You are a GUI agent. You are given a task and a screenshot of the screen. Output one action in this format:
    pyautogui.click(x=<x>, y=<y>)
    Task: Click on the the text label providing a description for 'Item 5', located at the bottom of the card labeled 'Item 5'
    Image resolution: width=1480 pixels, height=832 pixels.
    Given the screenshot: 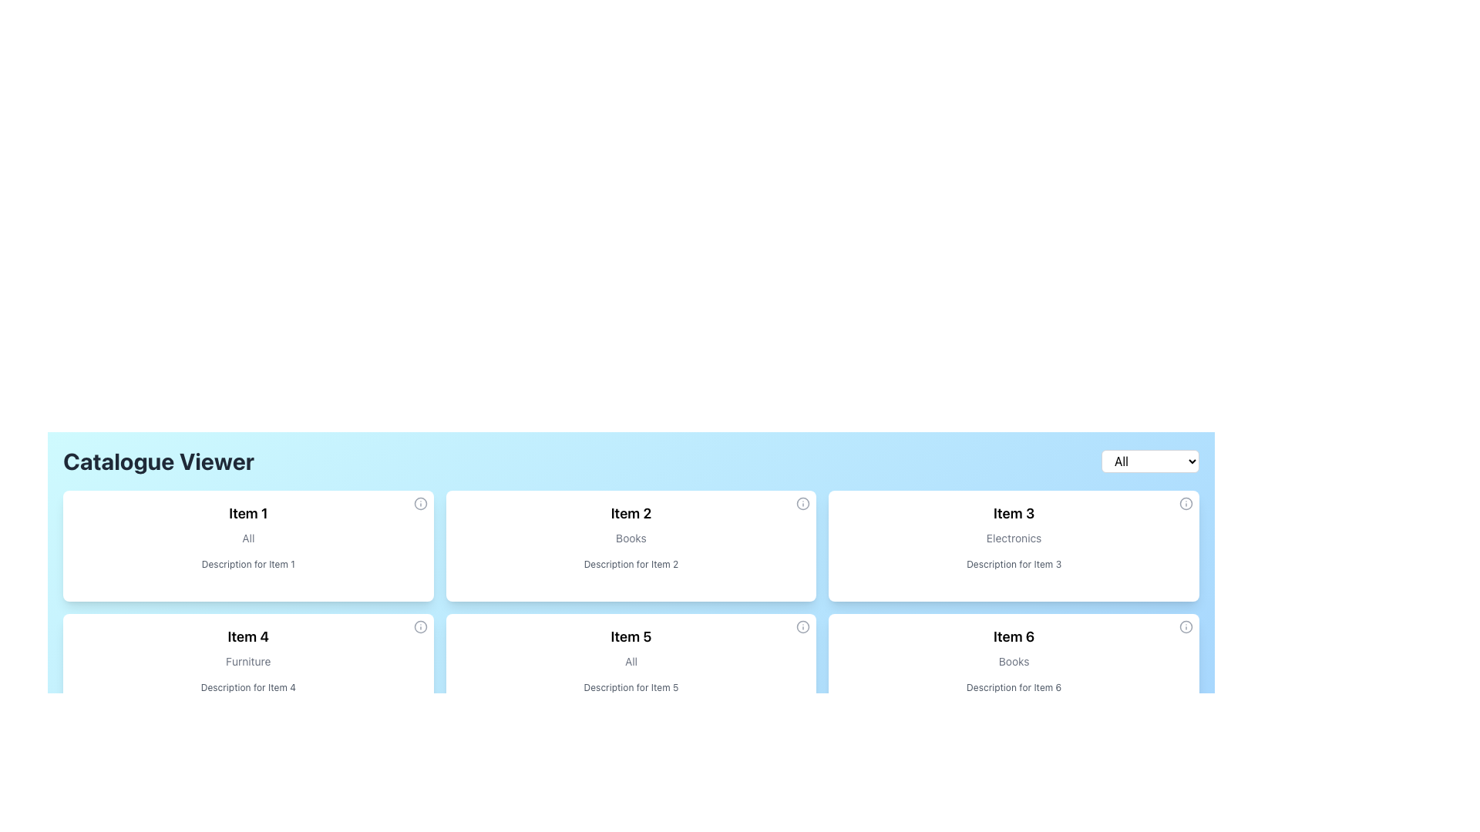 What is the action you would take?
    pyautogui.click(x=631, y=687)
    